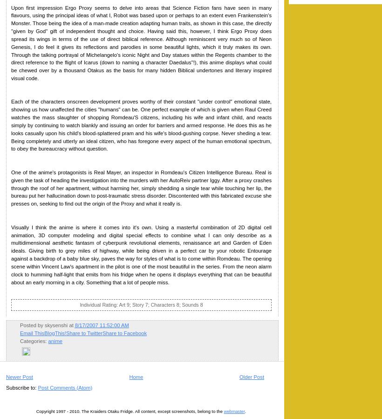 This screenshot has width=382, height=419. I want to click on 'BlogThis!', so click(54, 332).